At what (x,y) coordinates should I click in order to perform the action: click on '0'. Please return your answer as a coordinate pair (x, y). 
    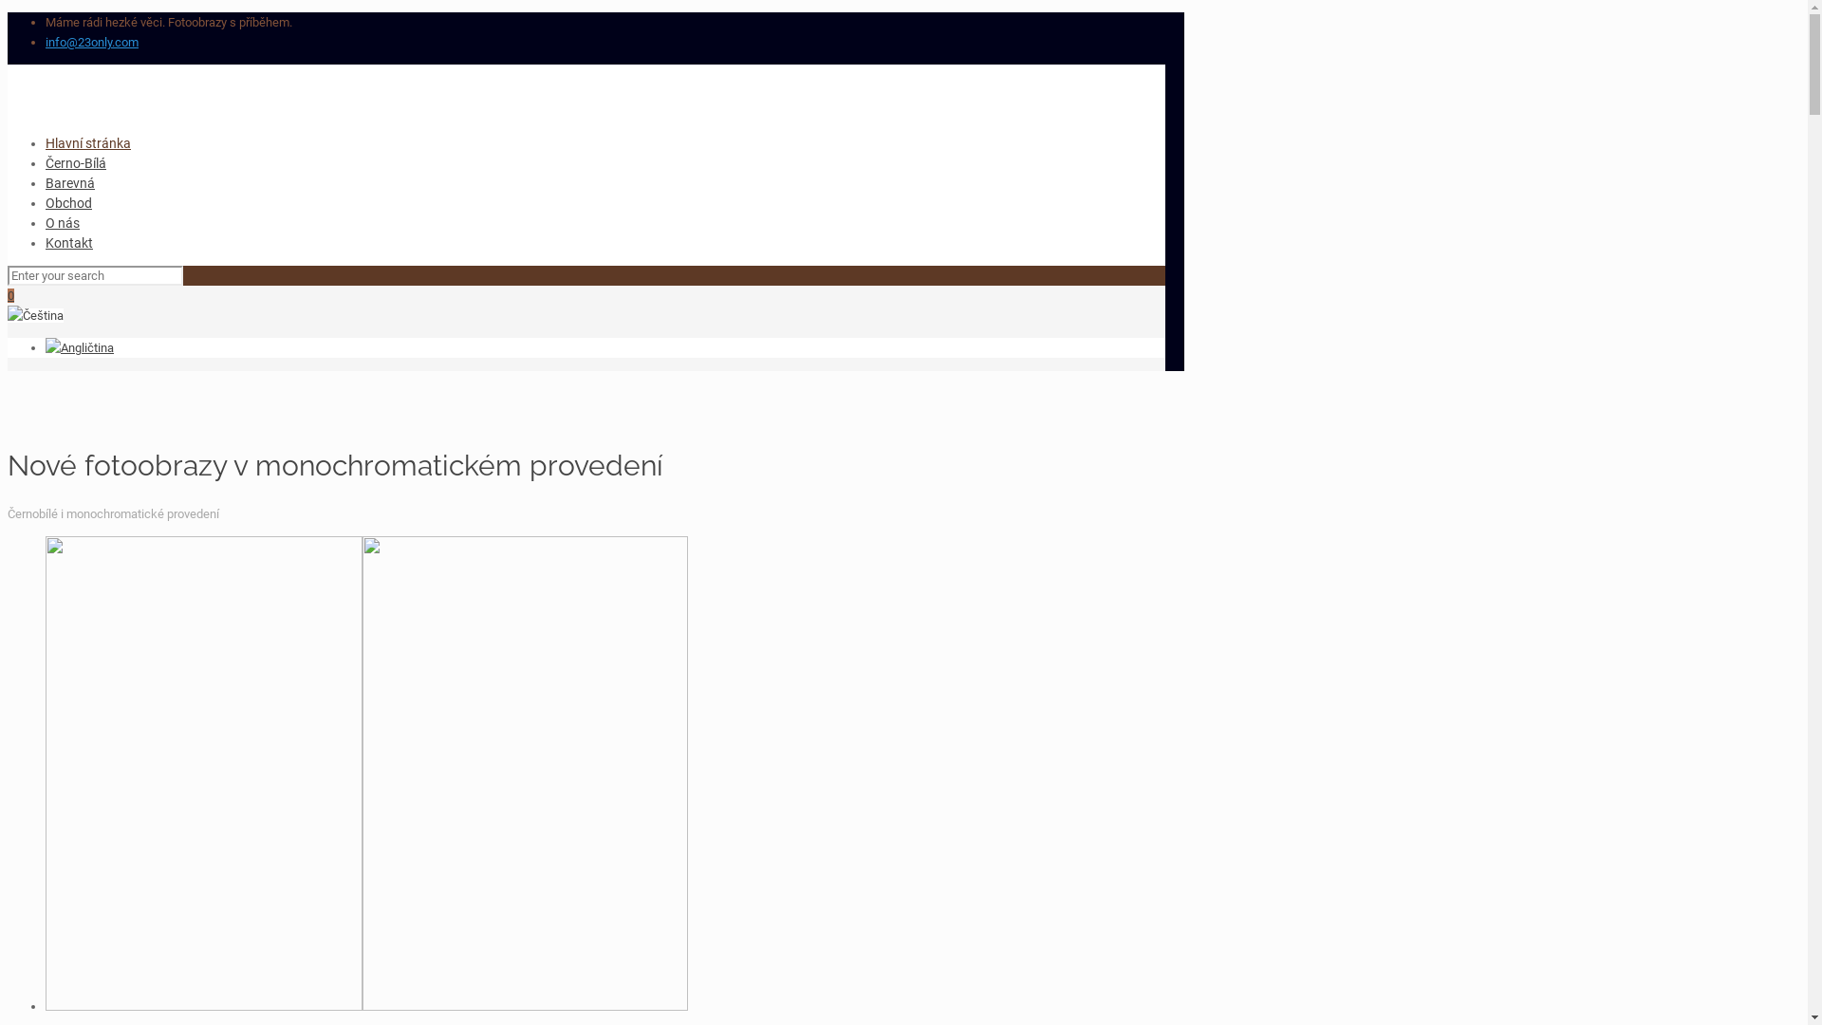
    Looking at the image, I should click on (10, 295).